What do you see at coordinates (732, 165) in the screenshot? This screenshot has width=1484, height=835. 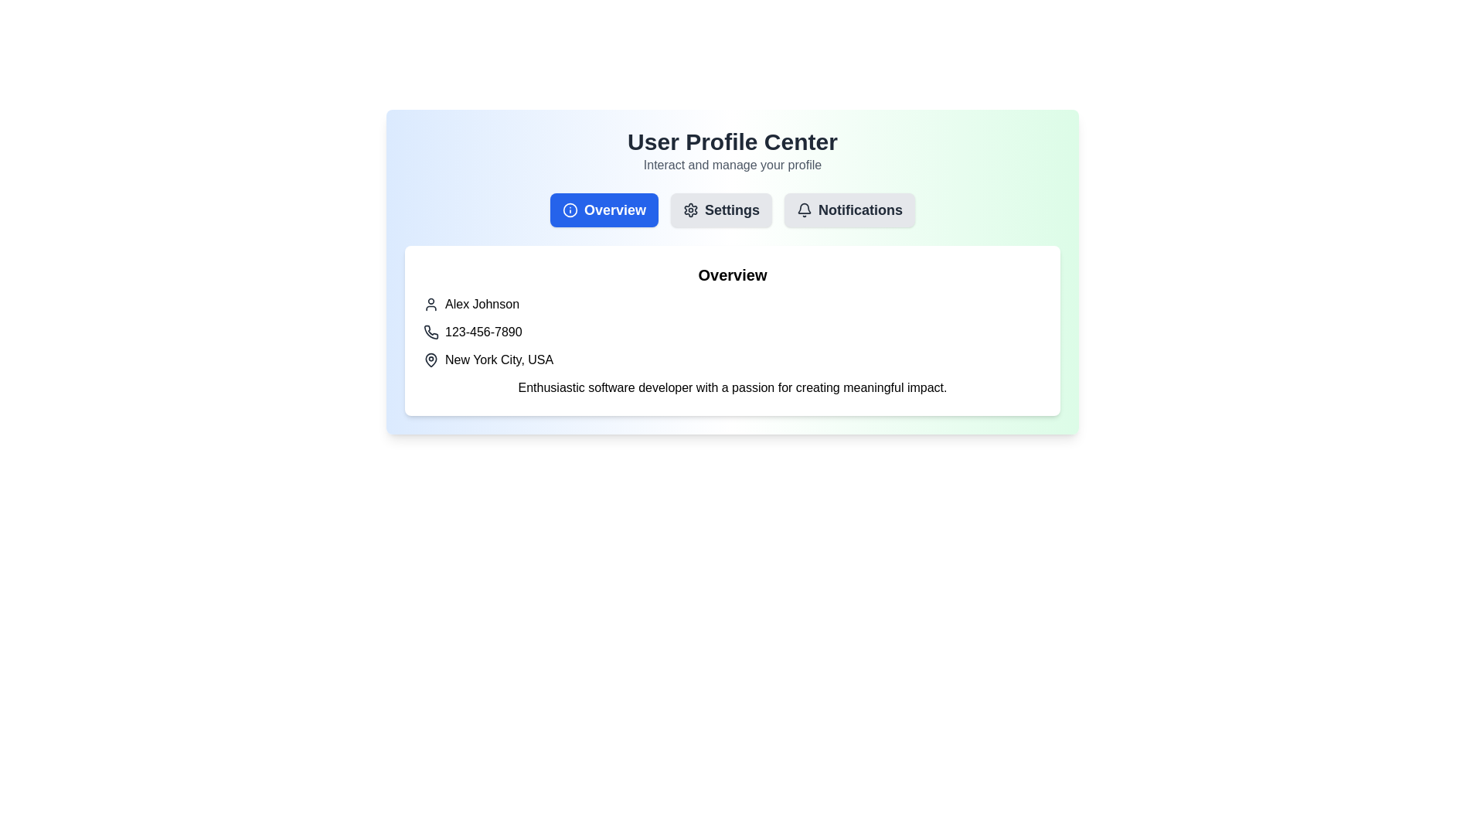 I see `descriptive text located directly under the 'User Profile Center' title, which provides context for the user` at bounding box center [732, 165].